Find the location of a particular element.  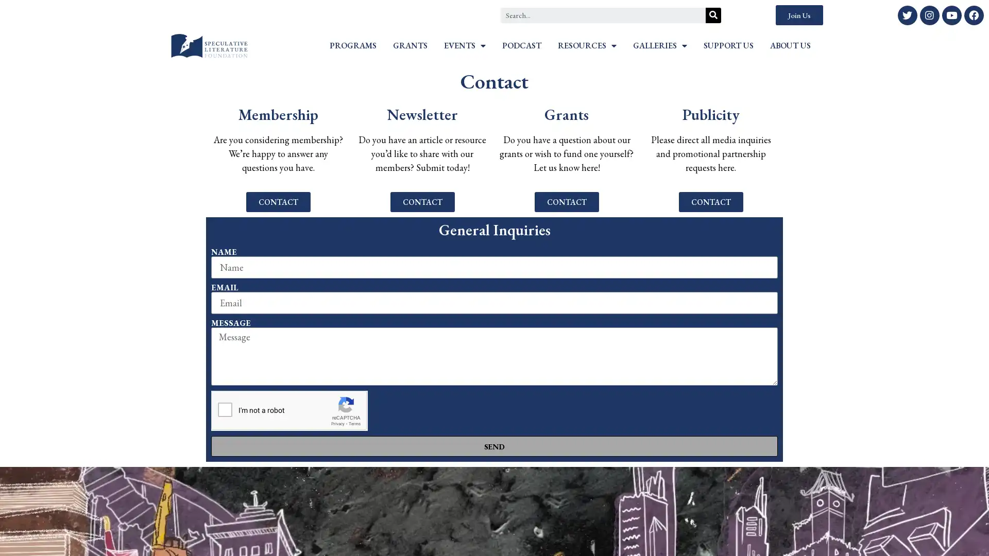

CONTACT is located at coordinates (422, 201).